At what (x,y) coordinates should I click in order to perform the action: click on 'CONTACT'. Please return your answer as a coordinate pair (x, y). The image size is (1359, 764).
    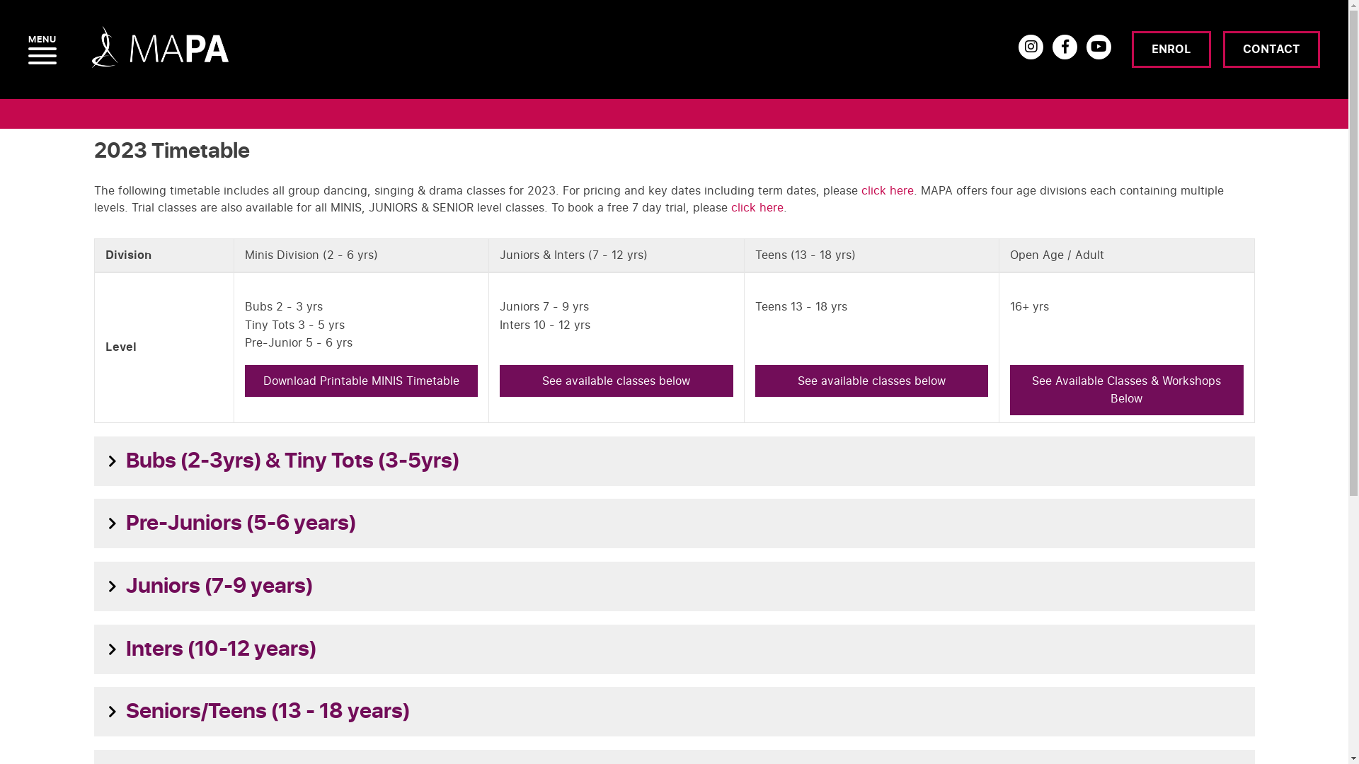
    Looking at the image, I should click on (1271, 48).